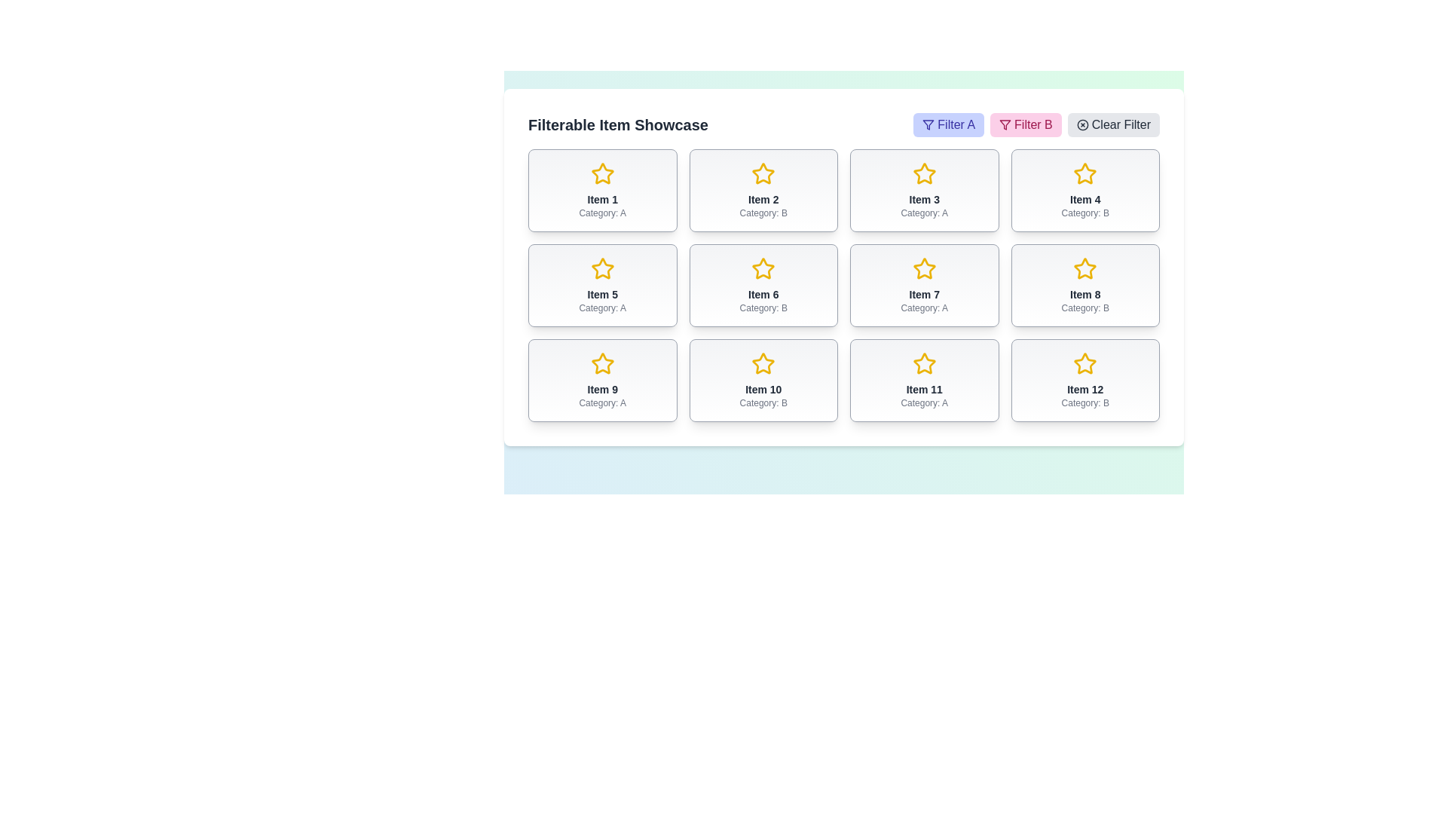  I want to click on attributes of the Card component featuring a light gray border, gradient background, yellow star icon, bold text 'Item 2', and smaller italicized text 'Category: B' located in the first row, second column of the grid layout, so click(763, 190).